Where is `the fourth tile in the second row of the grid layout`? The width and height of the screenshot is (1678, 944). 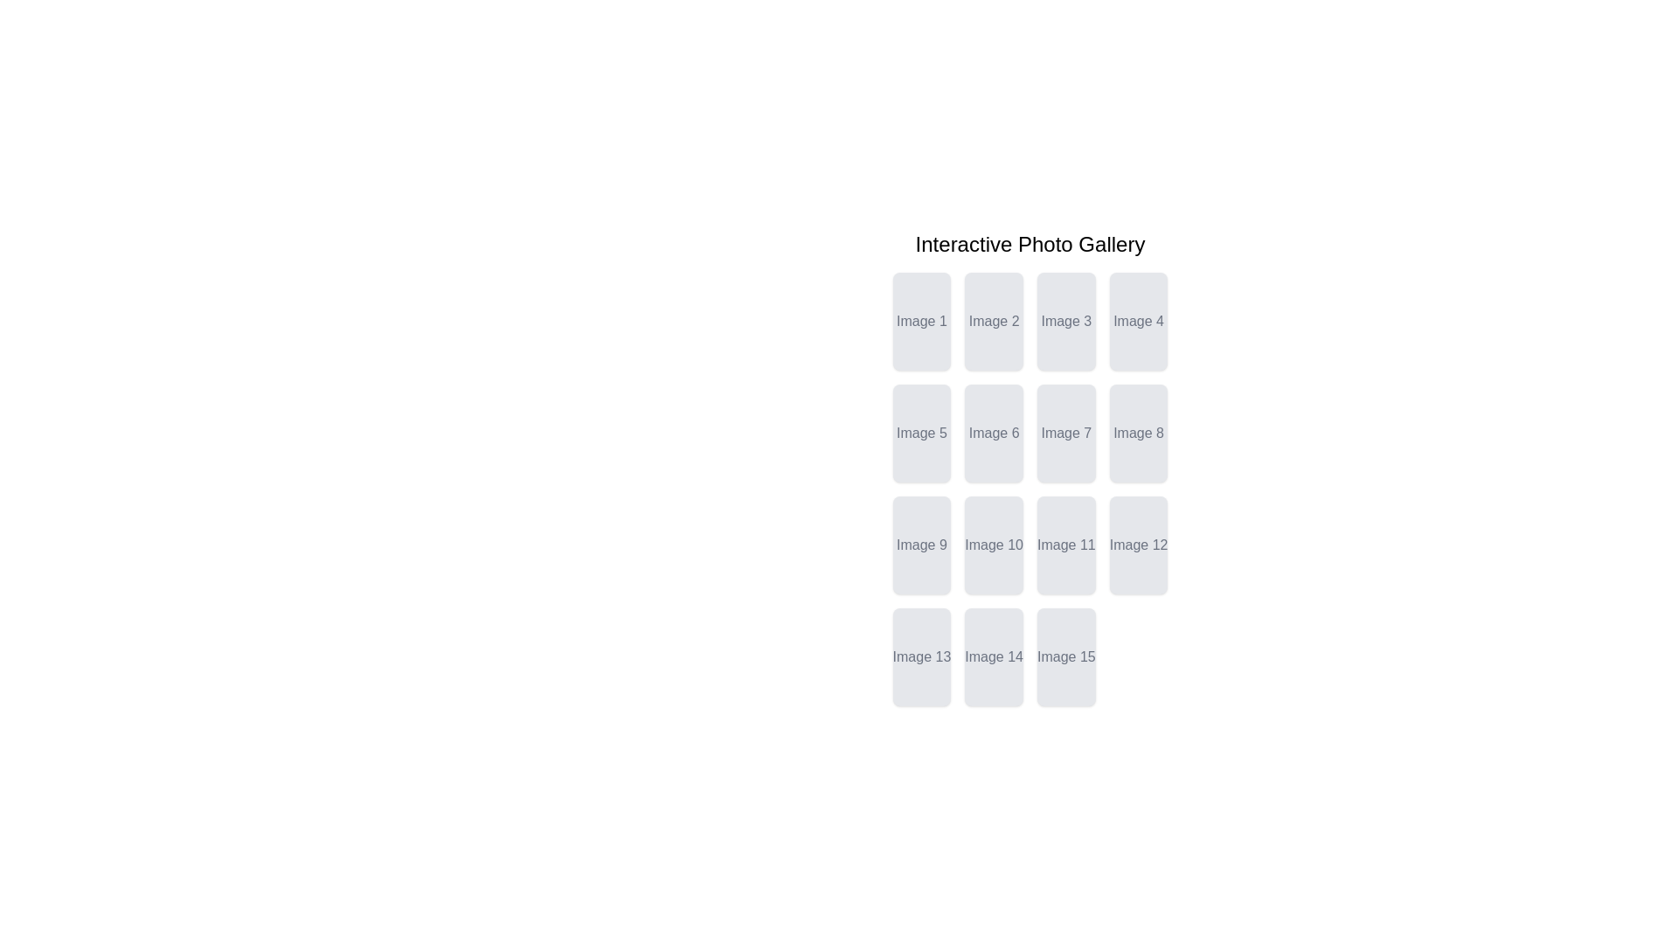 the fourth tile in the second row of the grid layout is located at coordinates (1139, 433).